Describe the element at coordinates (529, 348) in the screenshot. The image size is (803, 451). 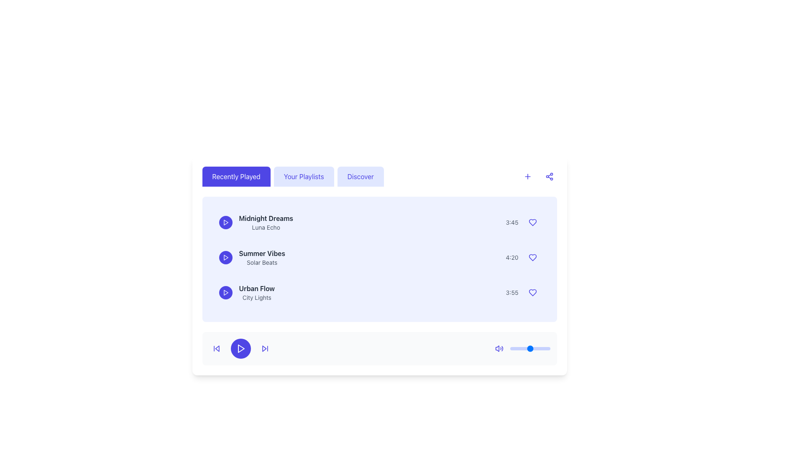
I see `the slider` at that location.